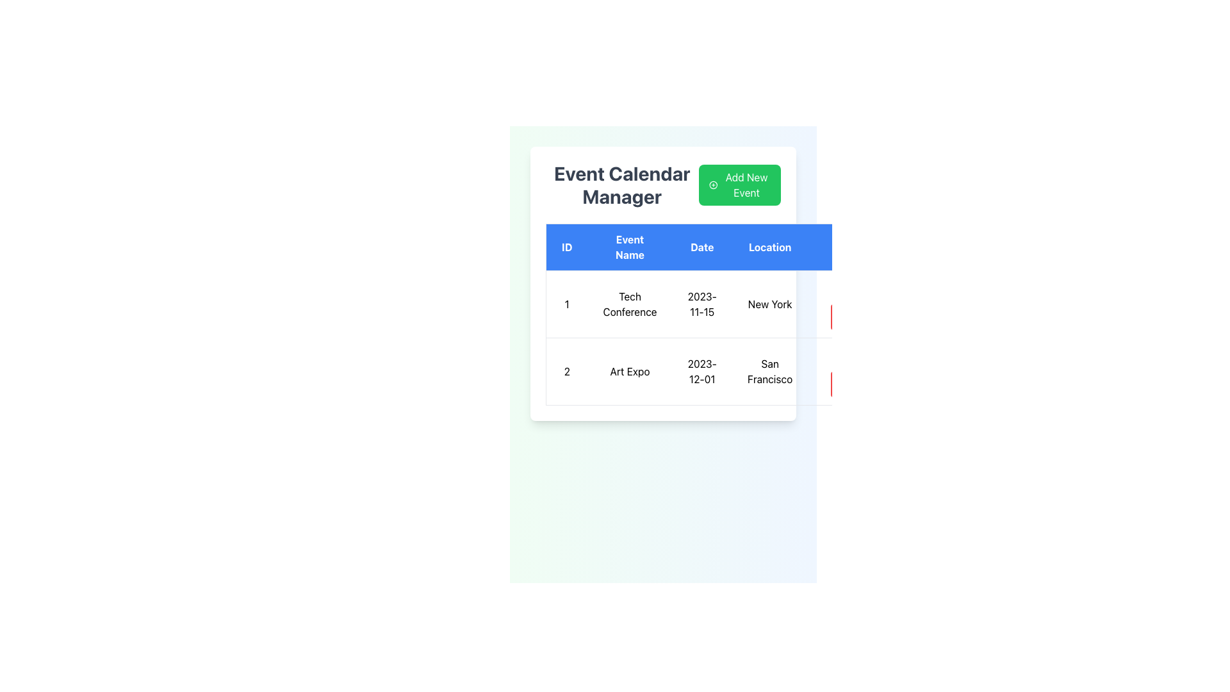  I want to click on the header row of the table to navigate to related content, so click(721, 247).